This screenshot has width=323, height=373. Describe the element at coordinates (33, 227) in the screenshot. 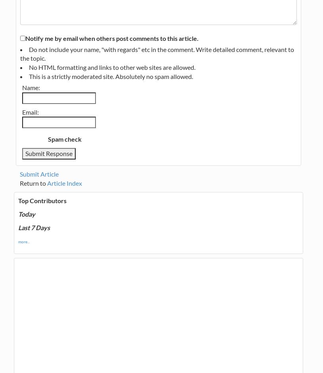

I see `'Last 7 Days'` at that location.